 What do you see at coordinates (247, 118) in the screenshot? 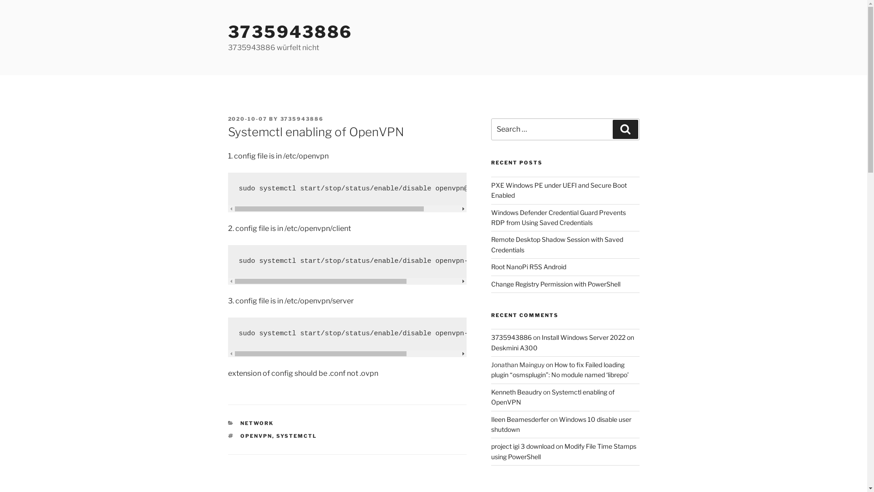
I see `'2020-10-07'` at bounding box center [247, 118].